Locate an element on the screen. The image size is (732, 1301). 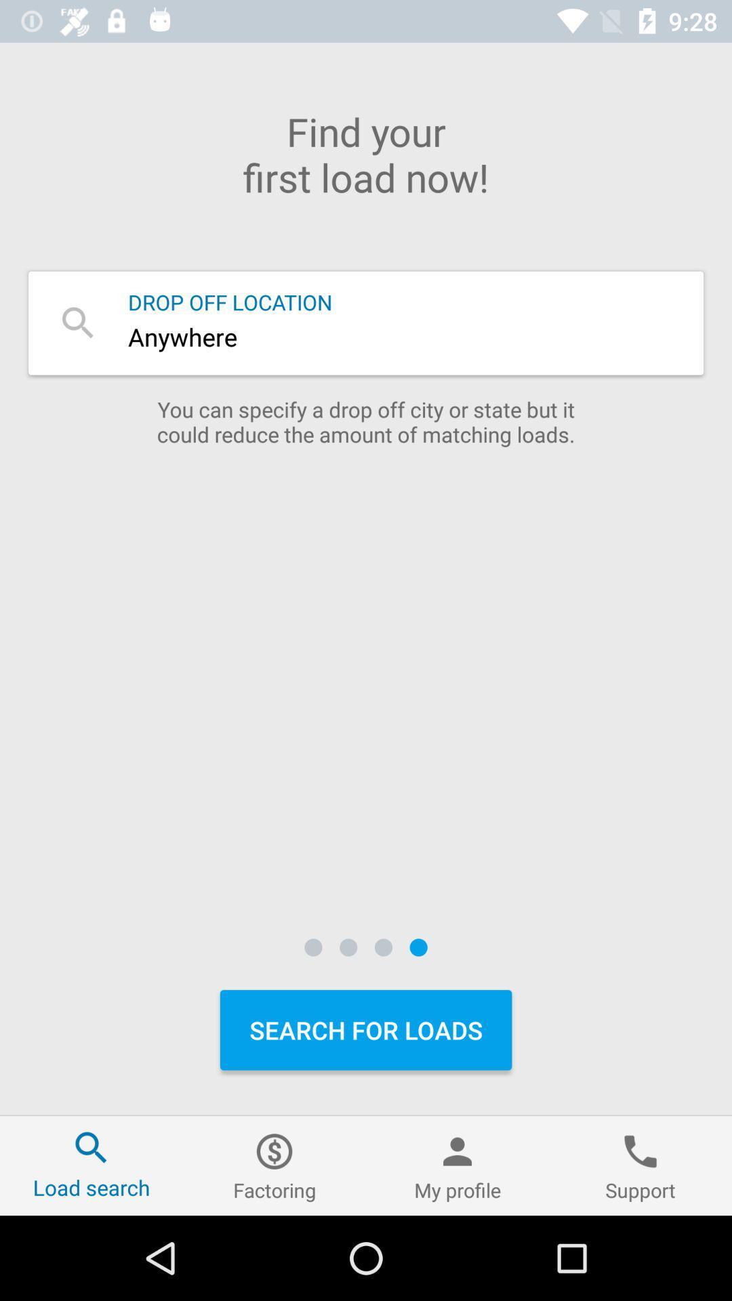
the my profile icon is located at coordinates (457, 1165).